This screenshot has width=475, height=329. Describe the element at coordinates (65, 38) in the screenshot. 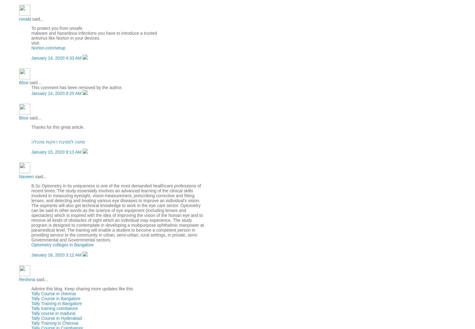

I see `'antivirus like Norton in your devices.'` at that location.